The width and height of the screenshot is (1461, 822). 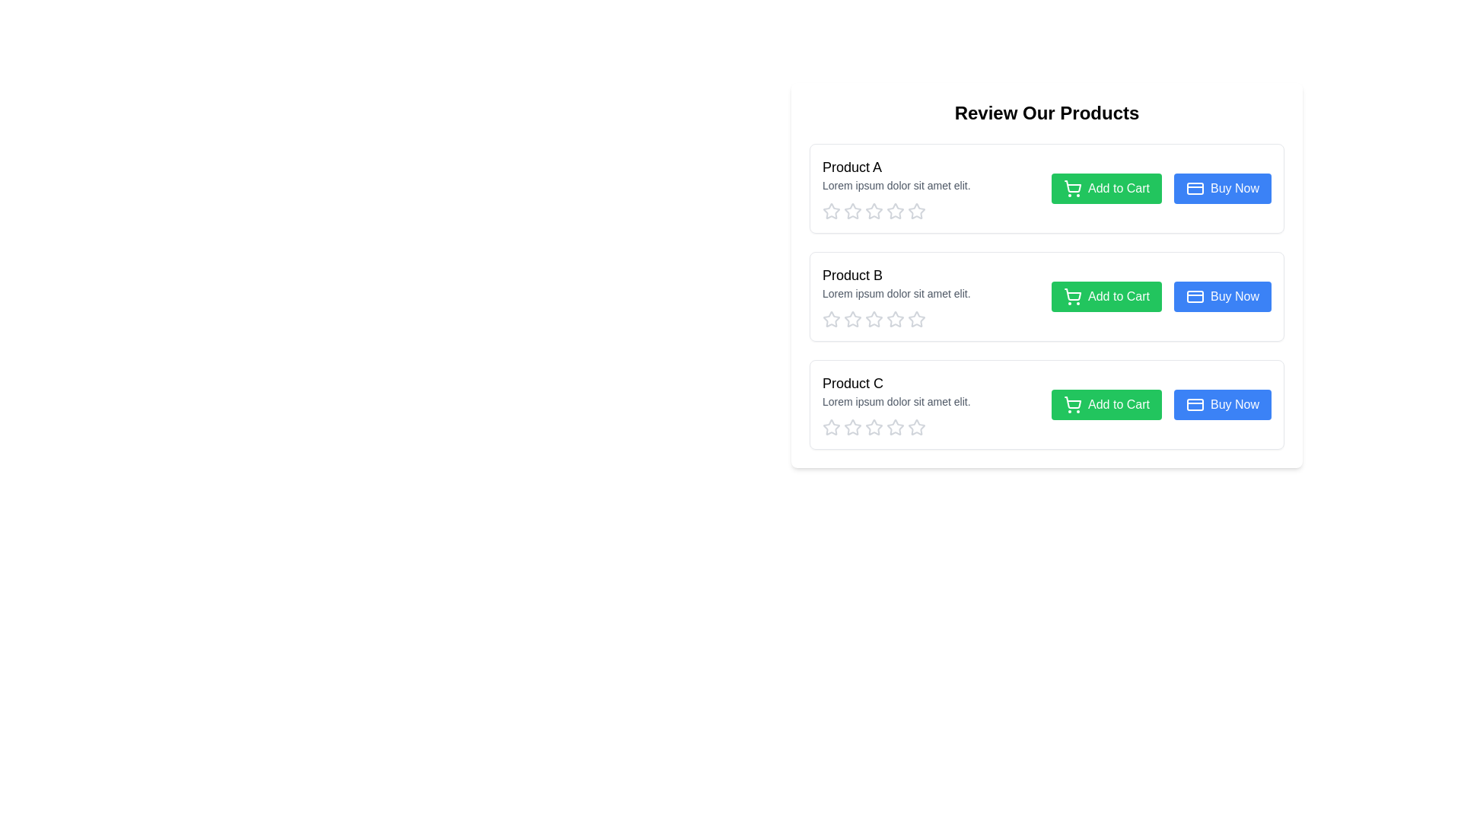 I want to click on the second star icon, so click(x=853, y=211).